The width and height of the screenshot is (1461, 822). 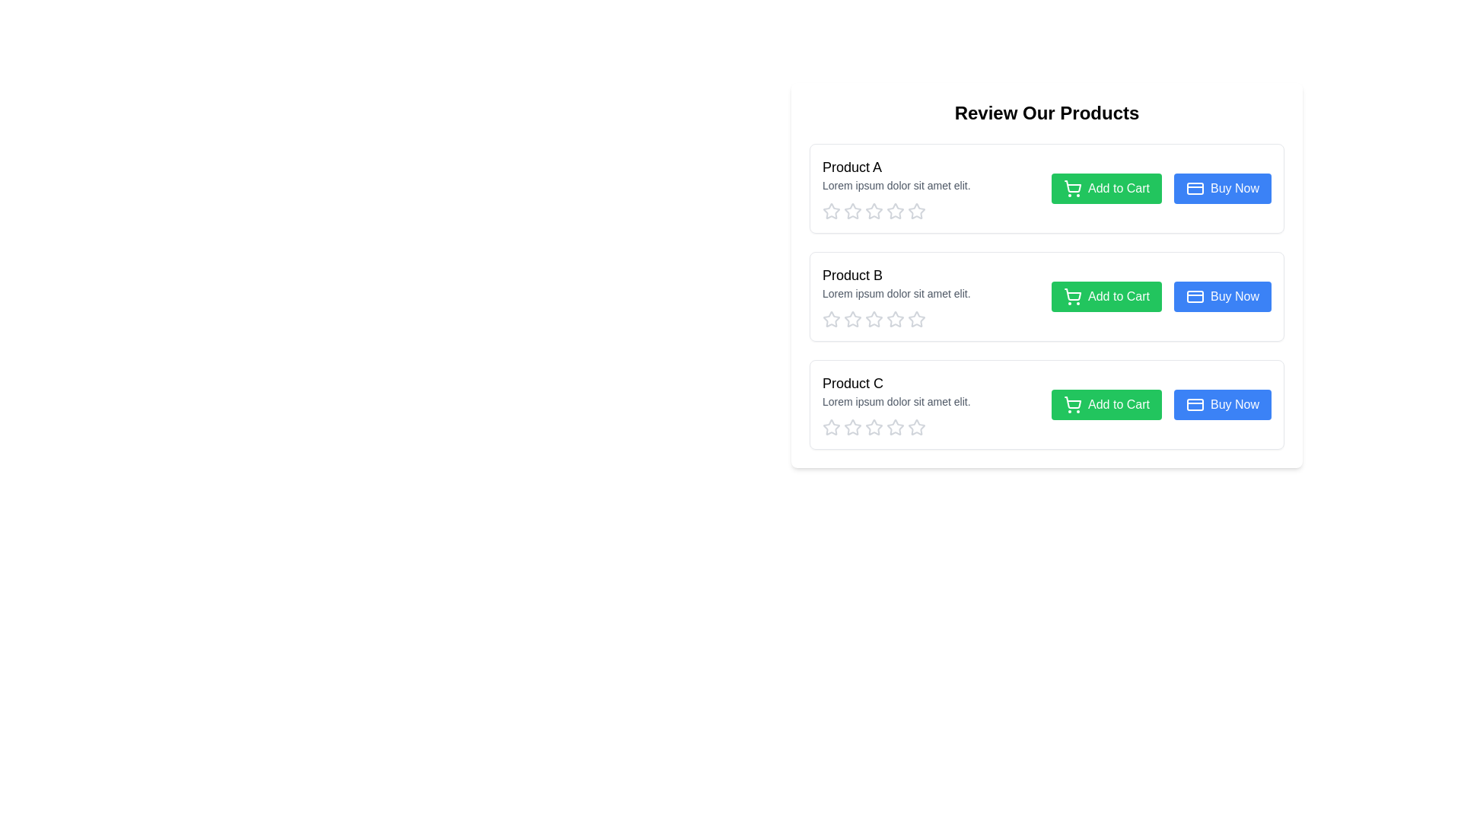 I want to click on the second star icon, so click(x=853, y=211).